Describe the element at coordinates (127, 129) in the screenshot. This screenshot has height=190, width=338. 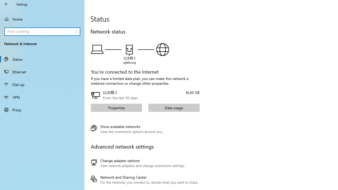
I see `'Show available networks'` at that location.